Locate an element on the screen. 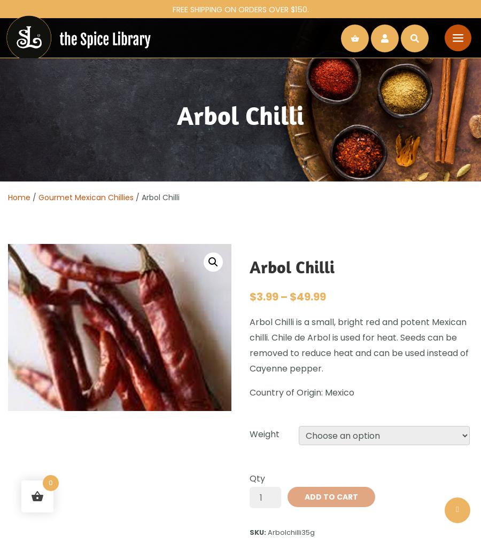  'Continue shopping' is located at coordinates (240, 40).